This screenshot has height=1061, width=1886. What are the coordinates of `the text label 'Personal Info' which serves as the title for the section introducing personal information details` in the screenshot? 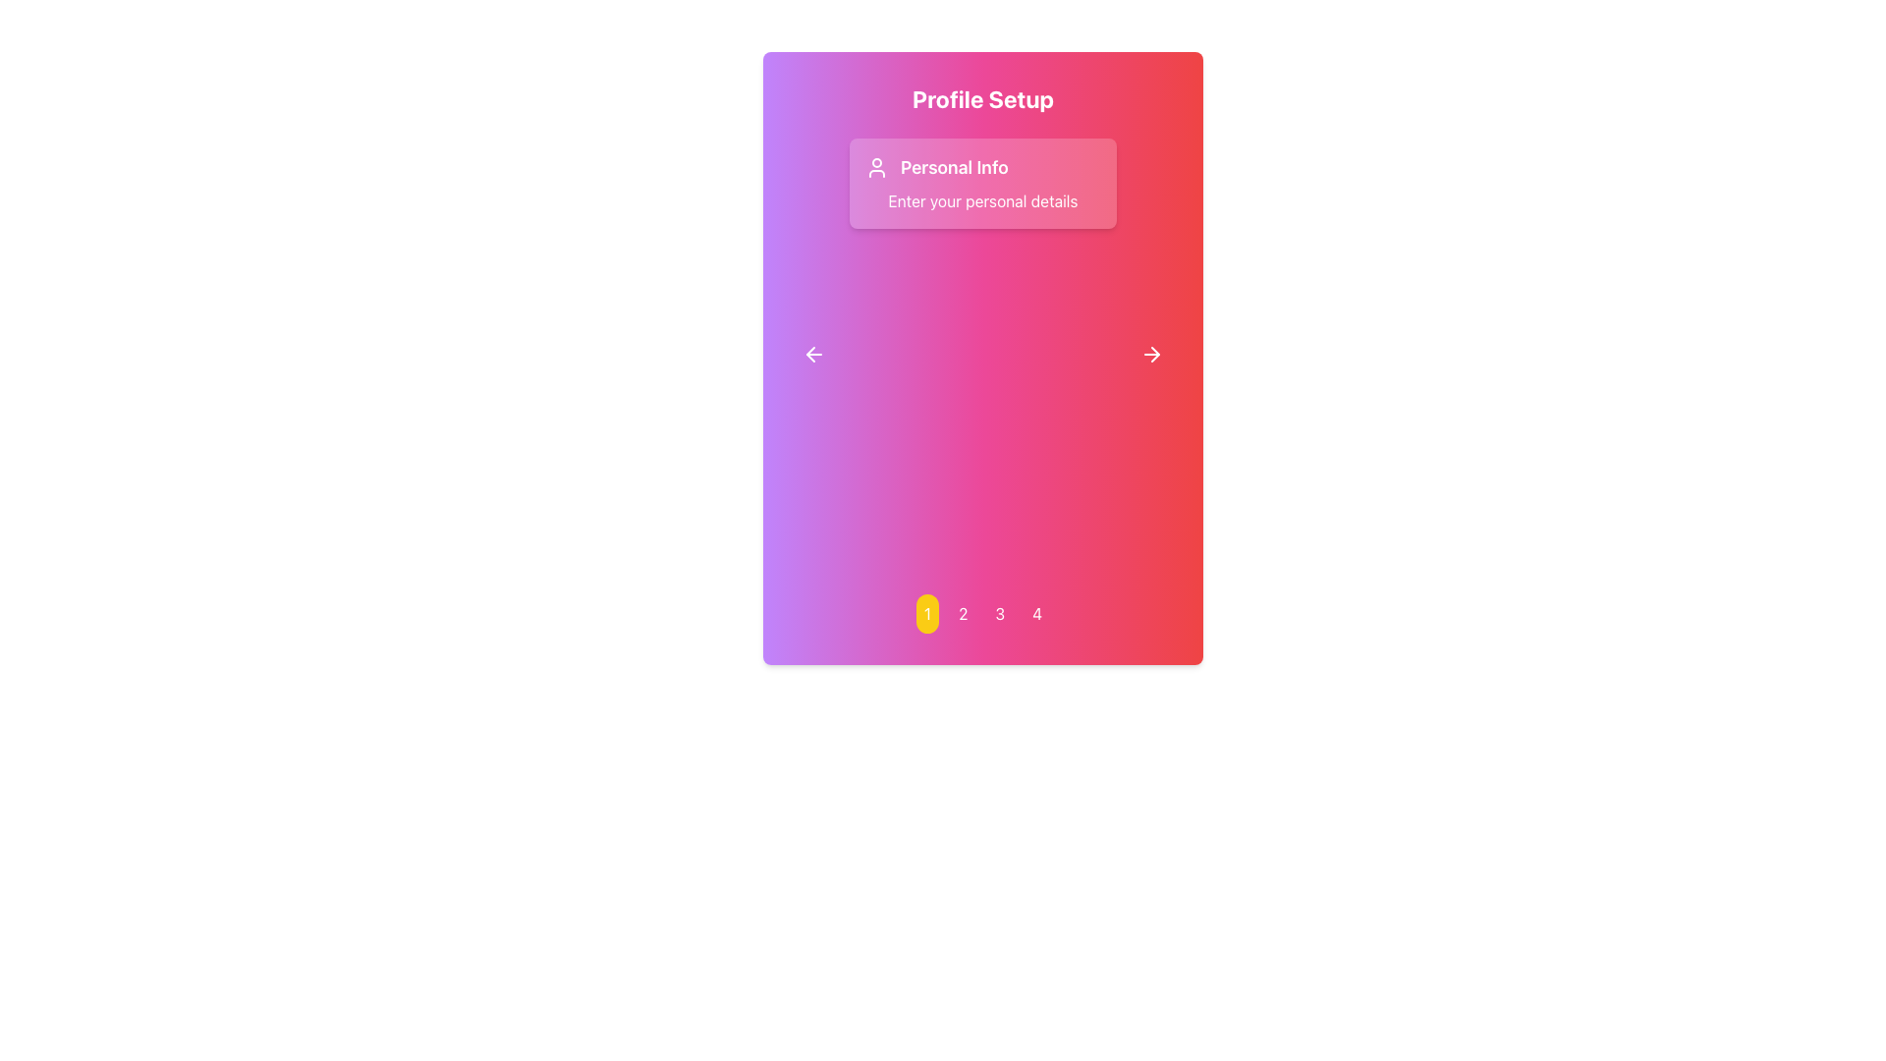 It's located at (954, 166).